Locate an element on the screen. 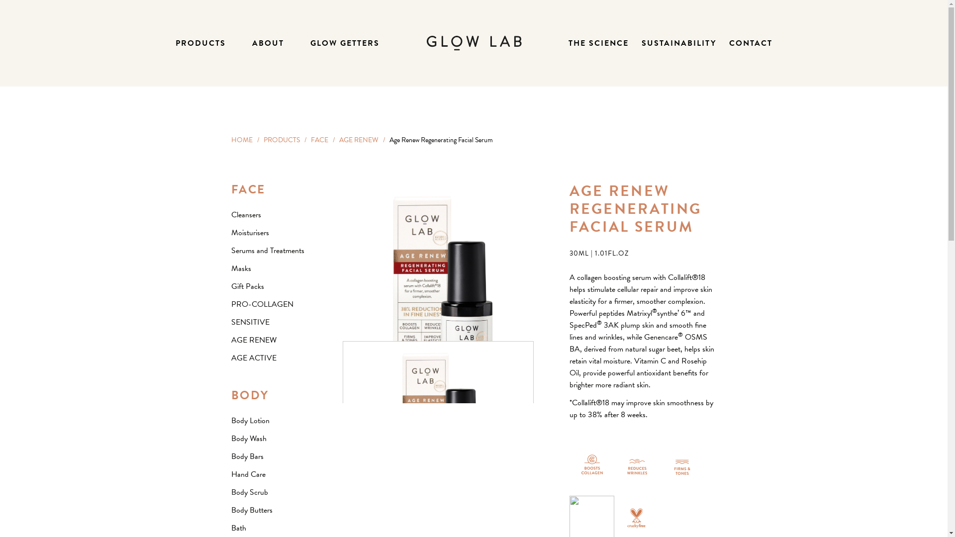 The image size is (955, 537). 'GLOW GETTERS' is located at coordinates (345, 43).